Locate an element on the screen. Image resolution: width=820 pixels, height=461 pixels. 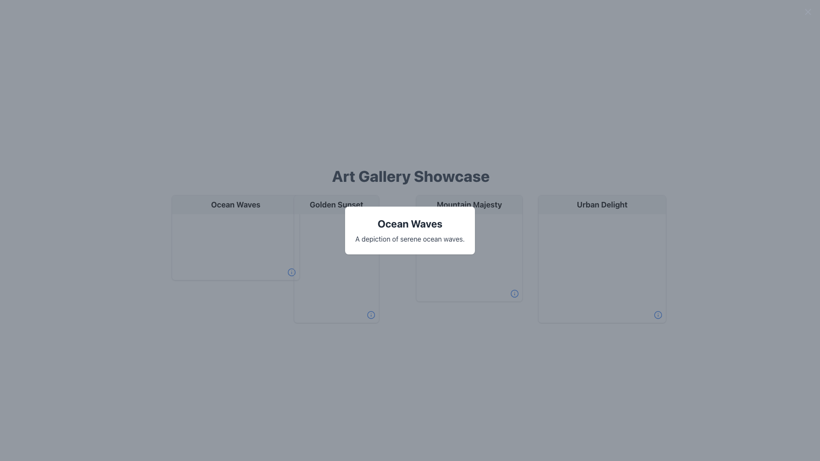
the Icon Component (circle within an info icon) located in the bottom-right corner of the 'Urban Delight' section is located at coordinates (657, 315).